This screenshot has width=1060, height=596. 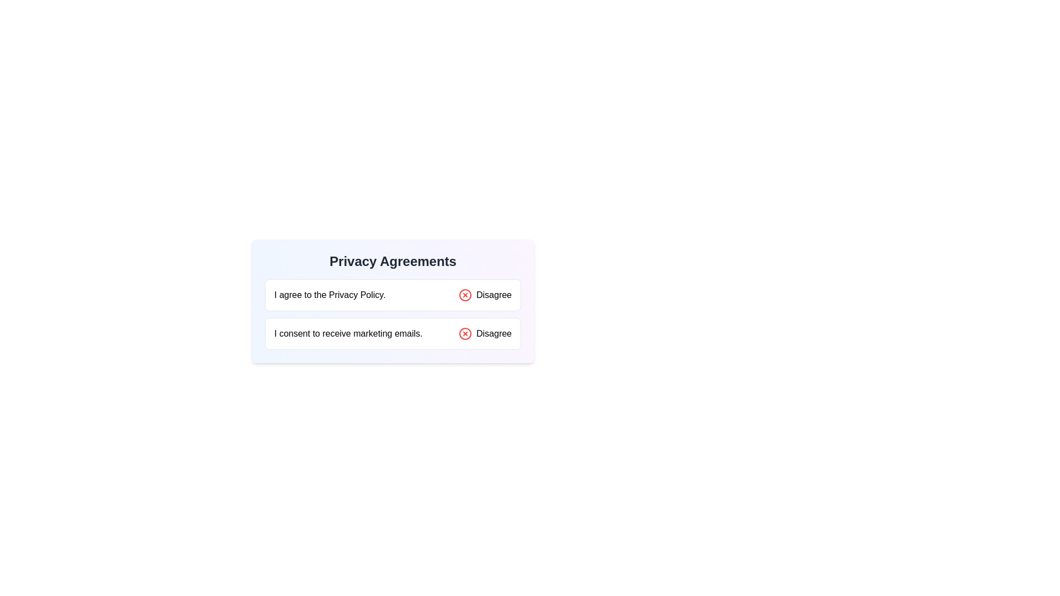 I want to click on the 'Disagree' button which consists of a circular red icon with an 'X' and the text 'Disagree', so click(x=485, y=333).